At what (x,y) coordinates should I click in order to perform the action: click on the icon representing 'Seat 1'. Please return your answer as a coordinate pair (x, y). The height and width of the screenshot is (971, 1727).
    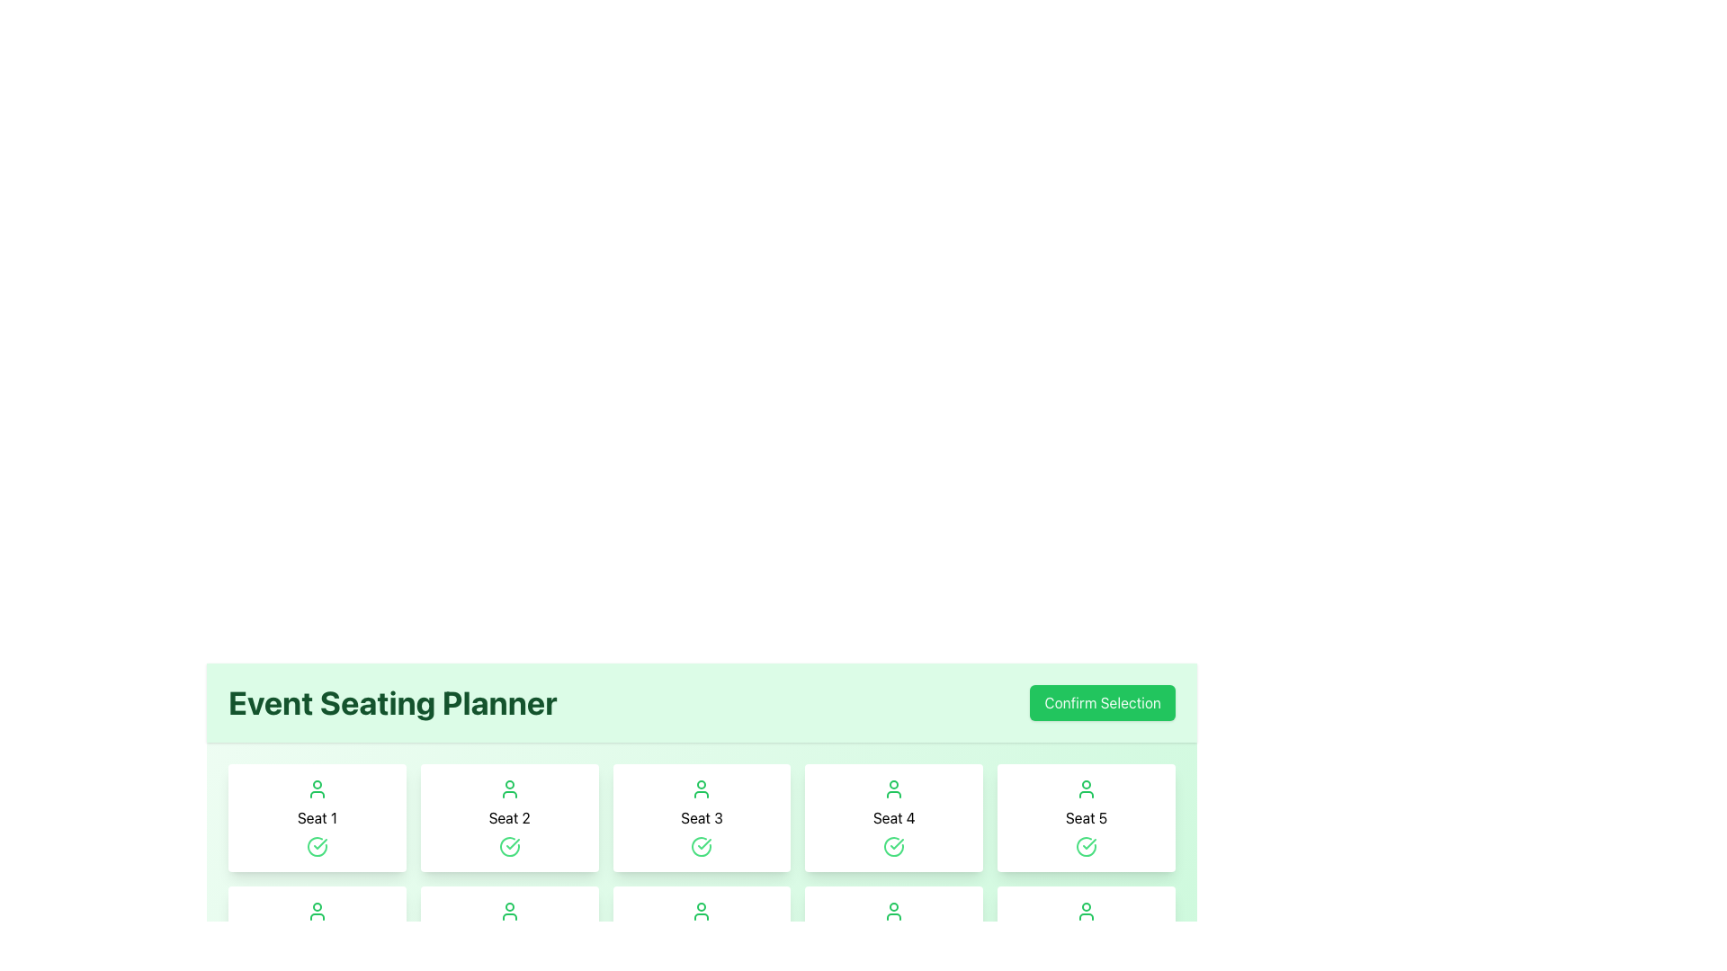
    Looking at the image, I should click on (317, 788).